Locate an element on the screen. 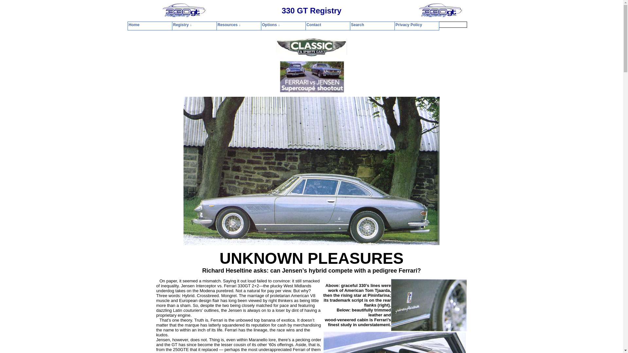 The height and width of the screenshot is (353, 628). 'Privacy Policy' is located at coordinates (371, 24).